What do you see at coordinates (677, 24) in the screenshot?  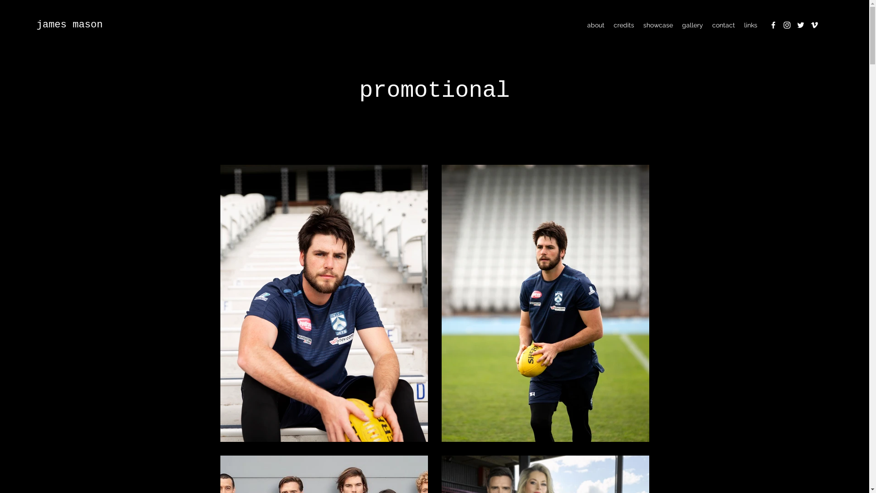 I see `'gallery'` at bounding box center [677, 24].